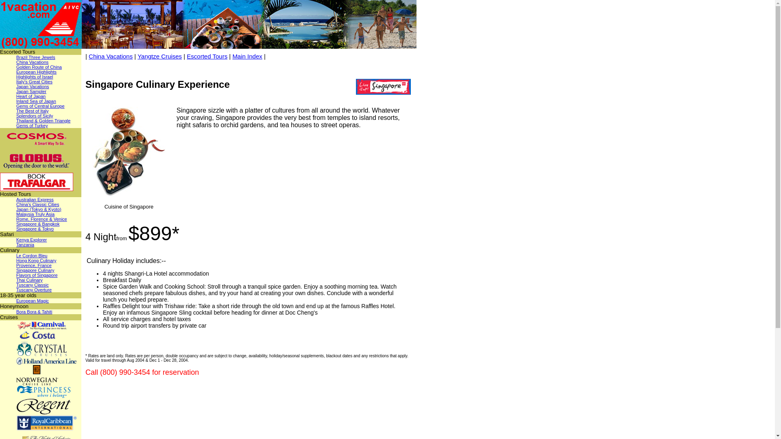  What do you see at coordinates (232, 56) in the screenshot?
I see `'Main Index'` at bounding box center [232, 56].